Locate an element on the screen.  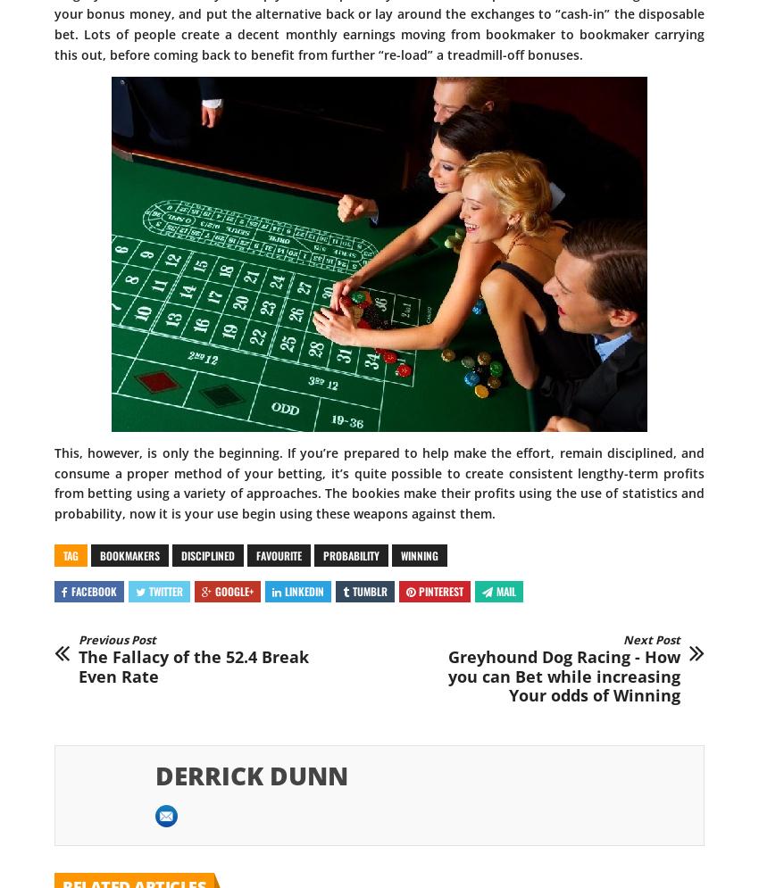
'Next Post' is located at coordinates (651, 639).